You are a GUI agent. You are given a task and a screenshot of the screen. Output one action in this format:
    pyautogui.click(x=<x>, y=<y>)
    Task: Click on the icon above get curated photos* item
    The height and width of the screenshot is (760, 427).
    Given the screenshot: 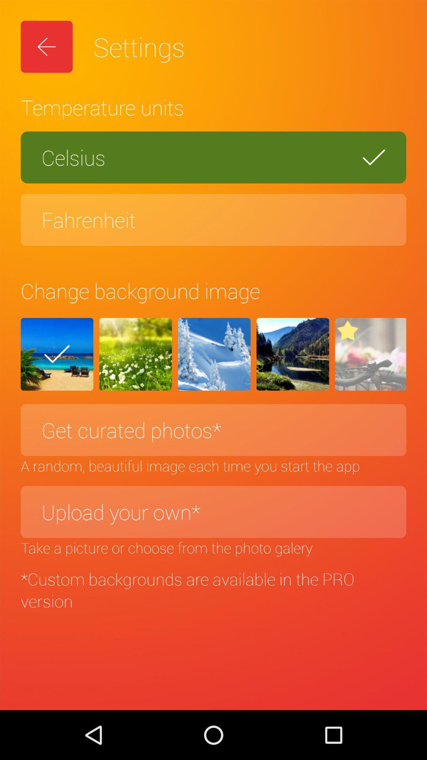 What is the action you would take?
    pyautogui.click(x=214, y=354)
    